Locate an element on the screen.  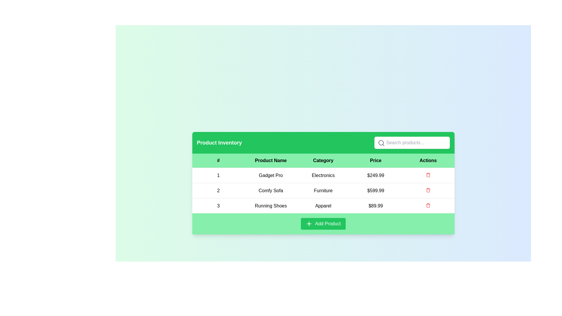
the row in the product table by clicking on the product name display element, which is the second item in the 'Product Name' column is located at coordinates (270, 190).